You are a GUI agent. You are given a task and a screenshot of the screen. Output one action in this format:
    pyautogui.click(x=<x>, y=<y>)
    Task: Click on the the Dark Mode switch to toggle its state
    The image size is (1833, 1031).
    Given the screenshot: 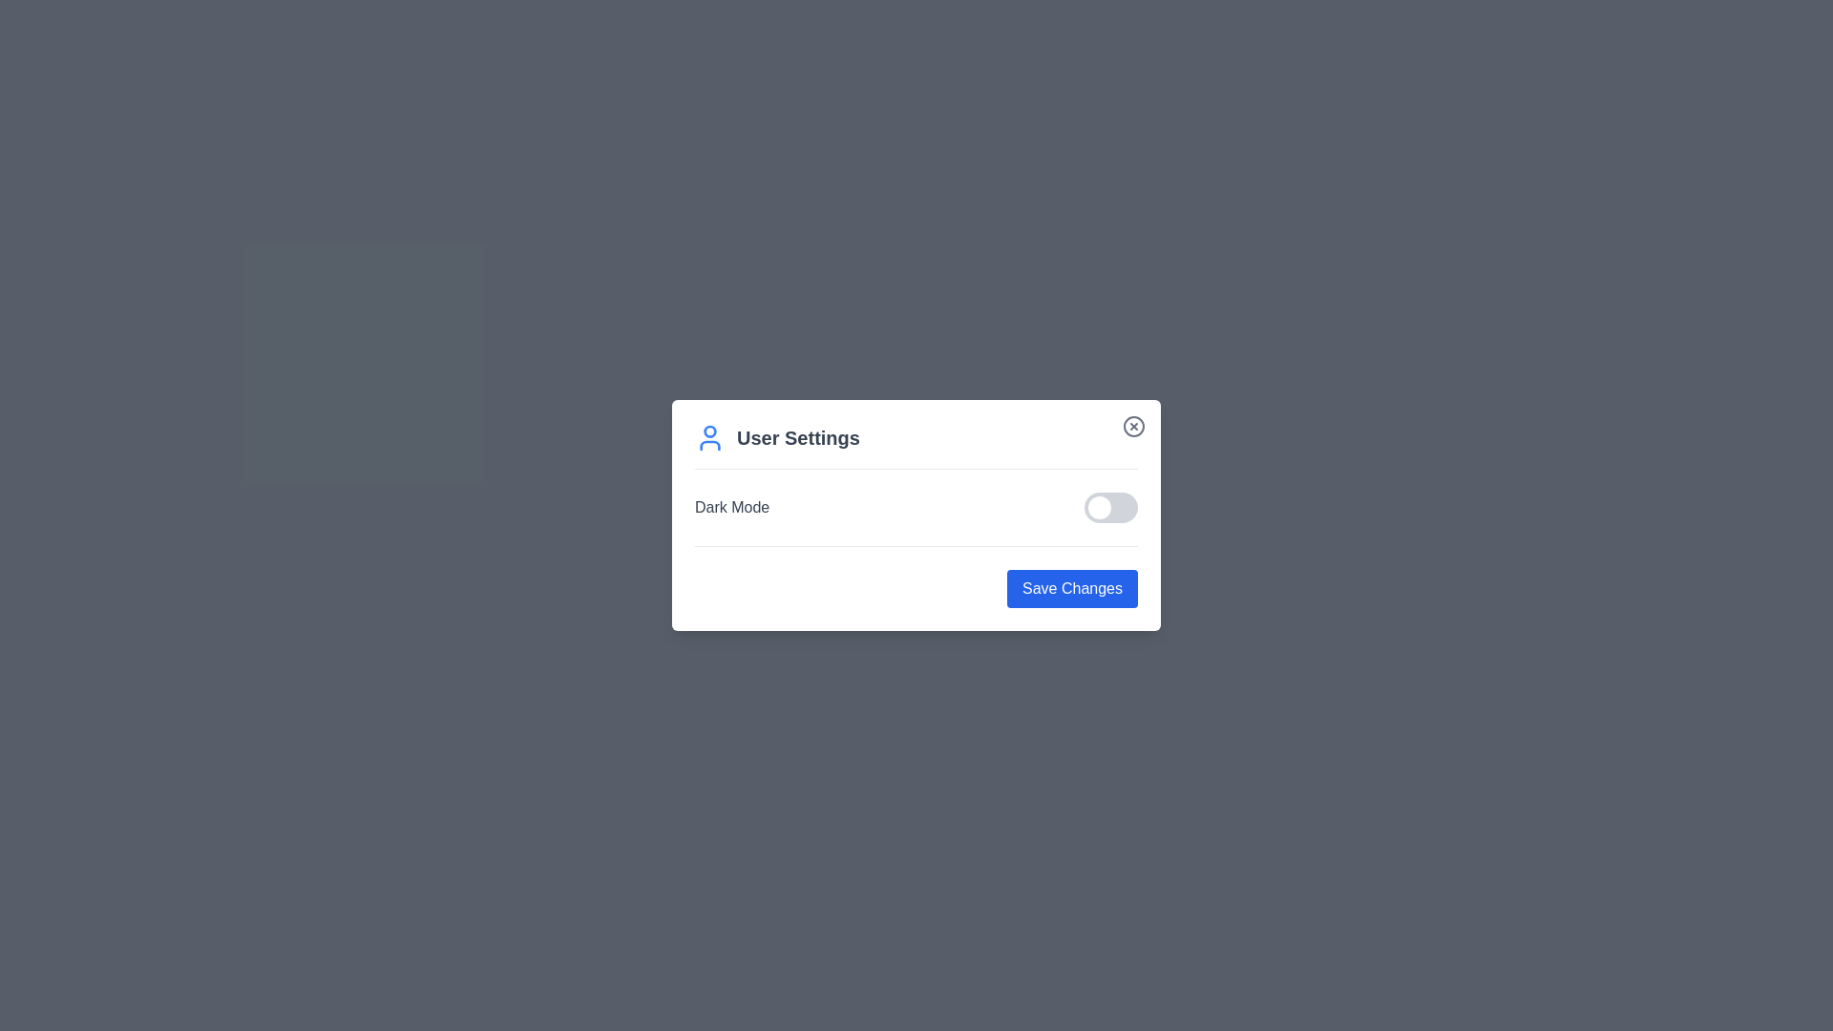 What is the action you would take?
    pyautogui.click(x=1110, y=507)
    